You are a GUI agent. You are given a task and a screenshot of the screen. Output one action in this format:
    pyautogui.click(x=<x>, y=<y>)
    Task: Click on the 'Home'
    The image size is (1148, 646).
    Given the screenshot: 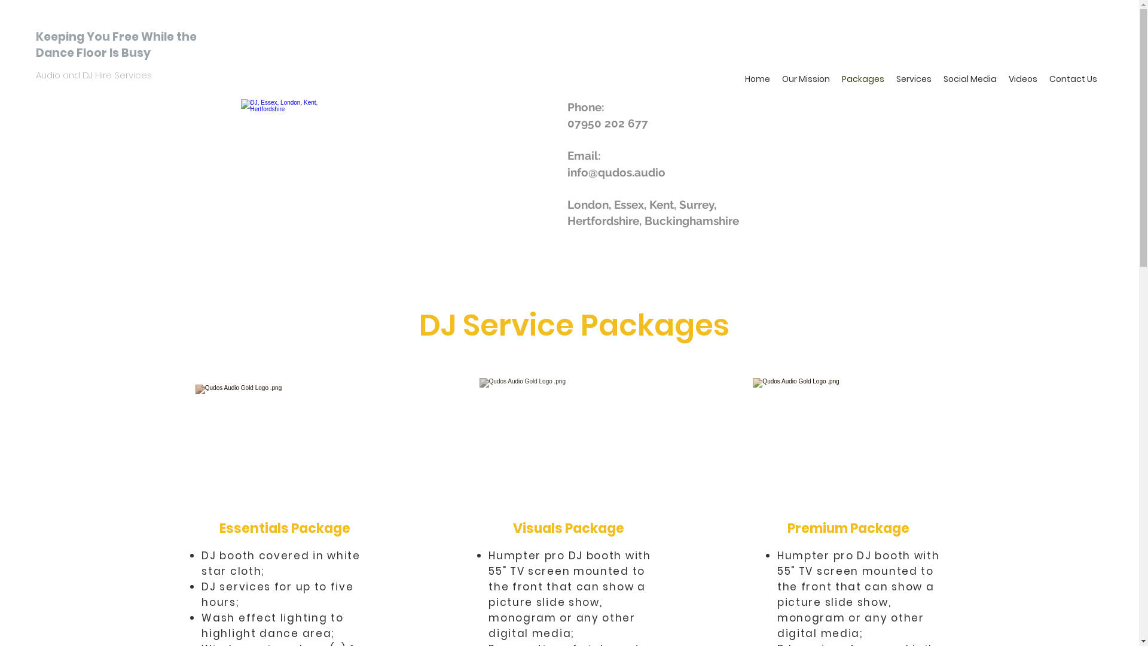 What is the action you would take?
    pyautogui.click(x=757, y=78)
    